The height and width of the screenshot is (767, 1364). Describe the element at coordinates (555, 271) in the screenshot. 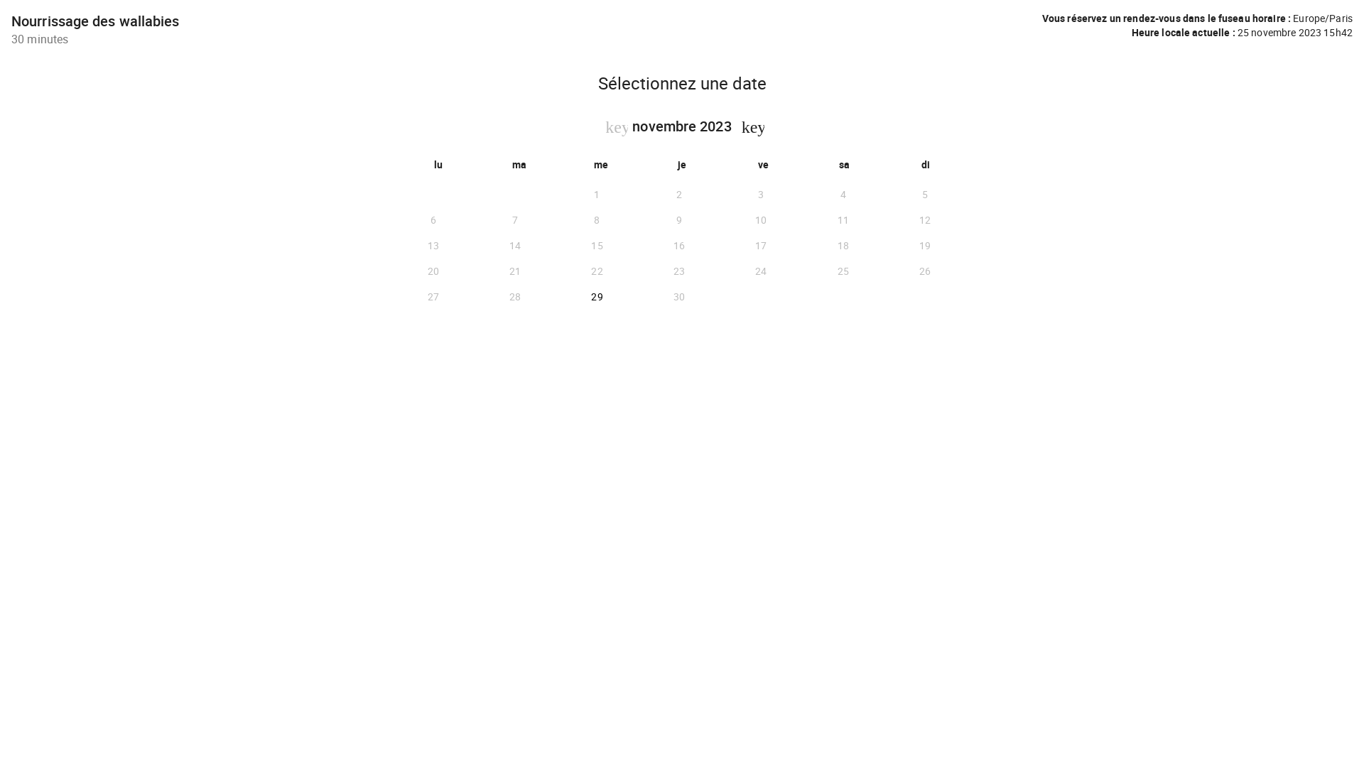

I see `'22'` at that location.